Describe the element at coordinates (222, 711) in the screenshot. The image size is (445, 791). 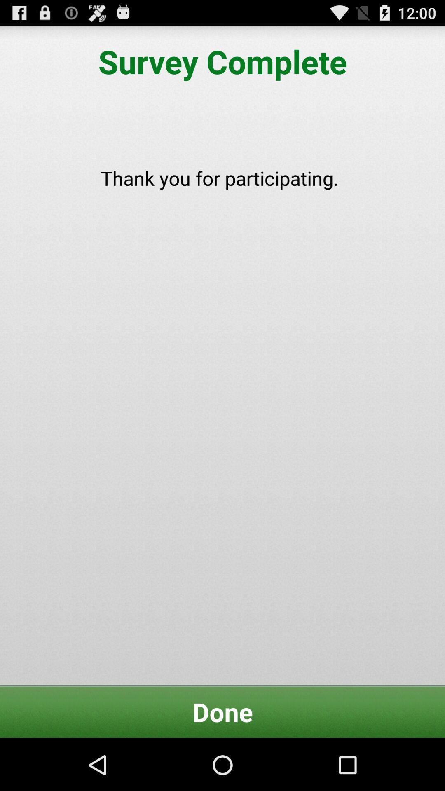
I see `the item below the thank you for item` at that location.